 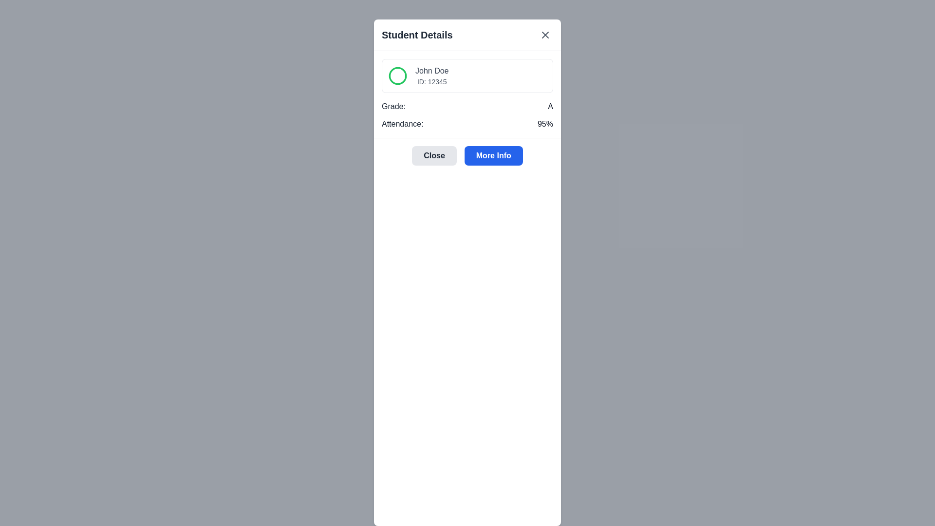 What do you see at coordinates (393, 107) in the screenshot?
I see `the text label displaying 'Grade:' in bold black font, located in the 'Student Details' section, positioned to the left of the grade value 'A'` at bounding box center [393, 107].